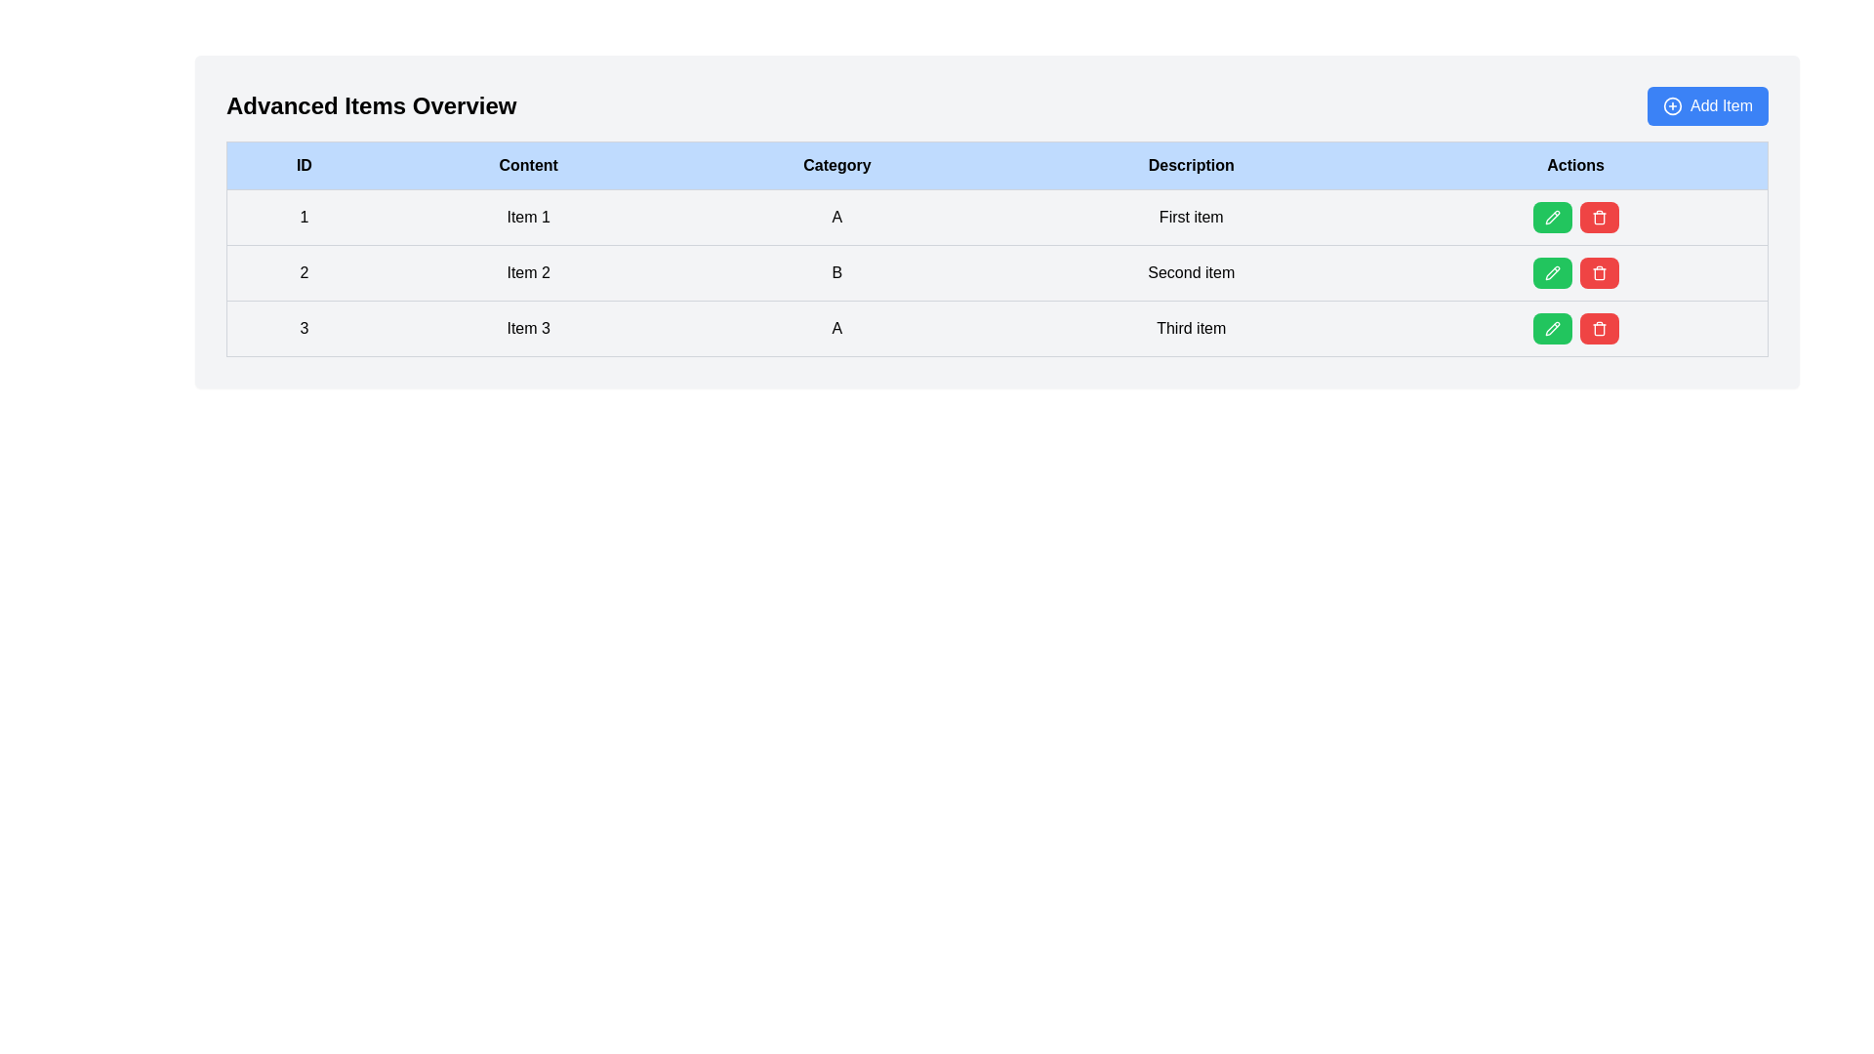  I want to click on the trash bin icon button, which is a minimalistic white representation on a red circular button, located in the 'Actions' column of the third row, adjacent to 'Item 3', so click(1599, 273).